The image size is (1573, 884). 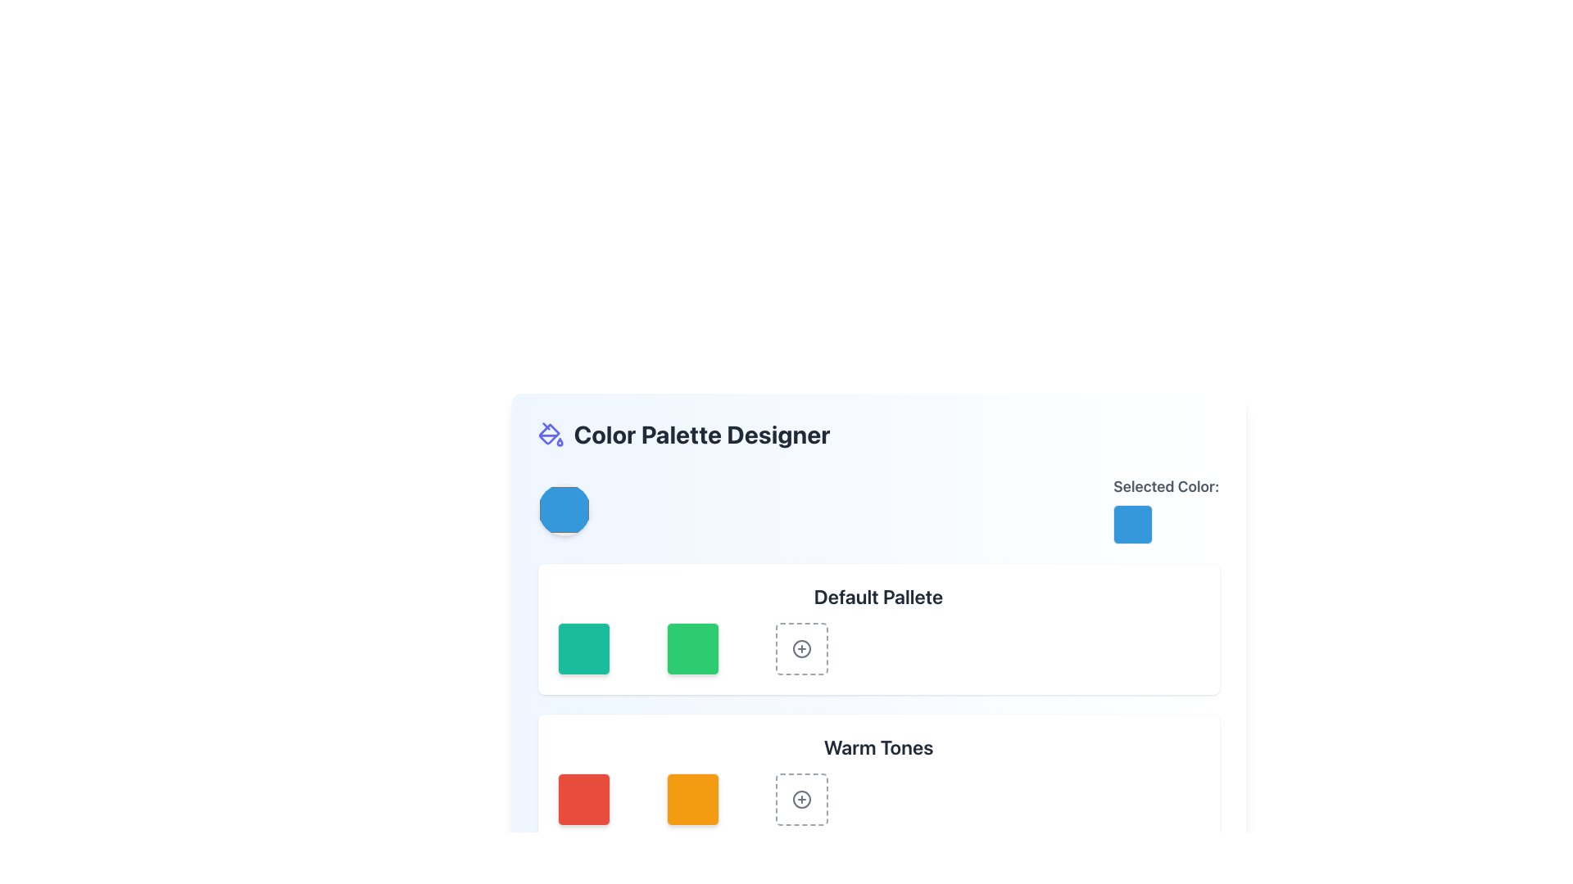 What do you see at coordinates (802, 798) in the screenshot?
I see `the button located in the third column of the second row beneath the 'Warm Tones' label` at bounding box center [802, 798].